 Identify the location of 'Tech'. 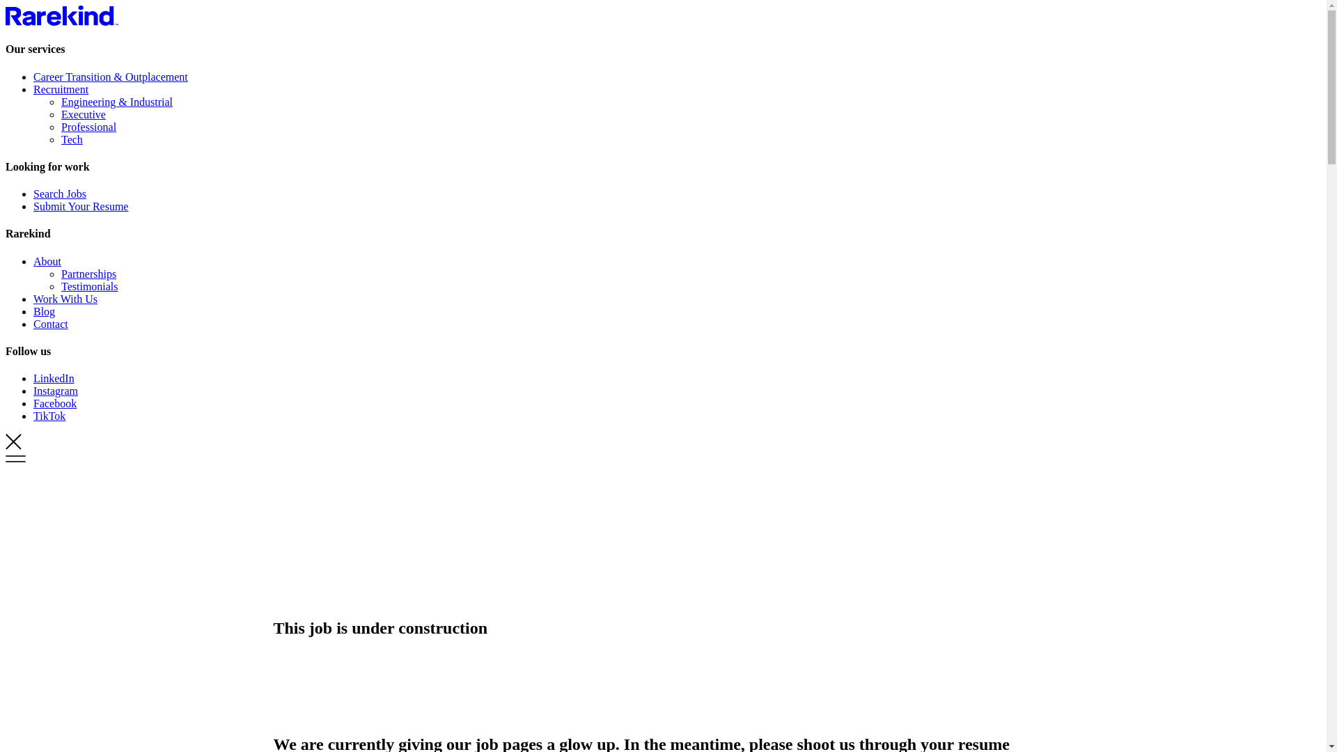
(71, 139).